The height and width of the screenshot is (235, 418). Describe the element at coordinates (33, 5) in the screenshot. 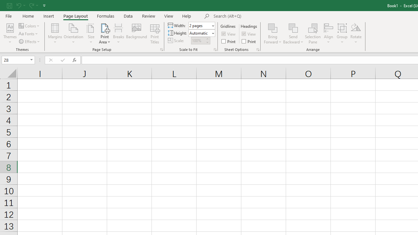

I see `'Redo'` at that location.